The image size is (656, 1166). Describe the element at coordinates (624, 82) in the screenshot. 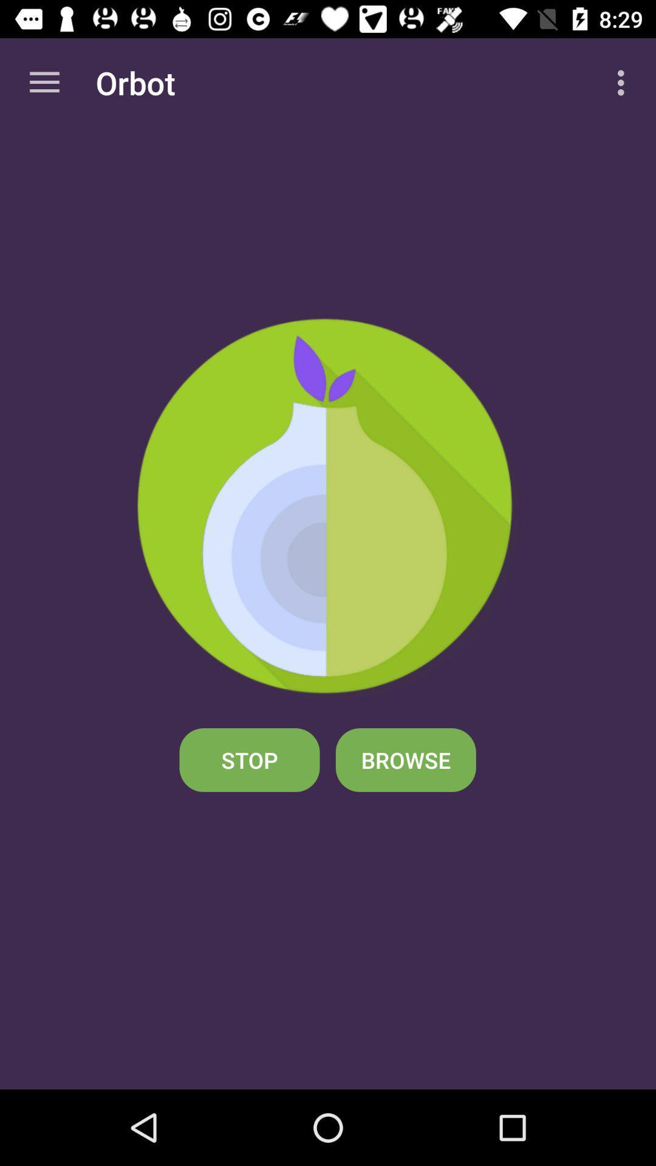

I see `app next to the orbot app` at that location.